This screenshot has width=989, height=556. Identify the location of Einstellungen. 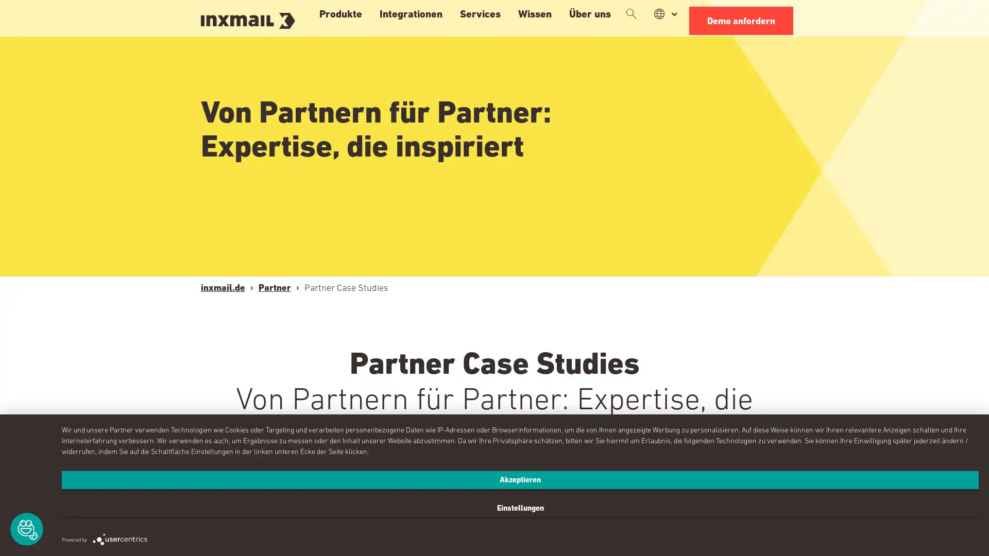
(841, 518).